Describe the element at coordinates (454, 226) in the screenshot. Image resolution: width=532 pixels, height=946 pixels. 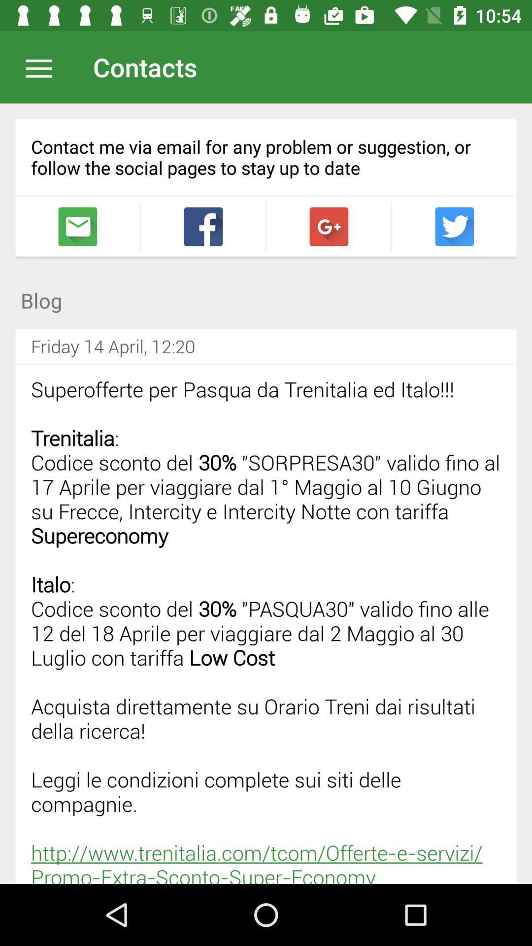
I see `company 's twitter page` at that location.